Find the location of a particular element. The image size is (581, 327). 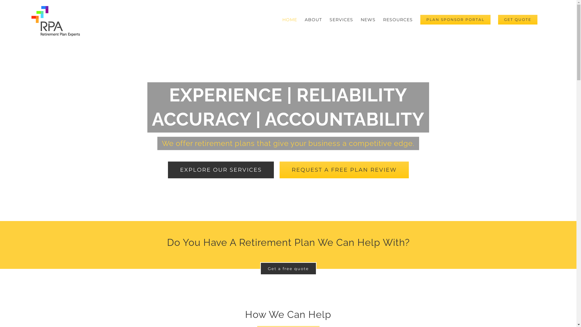

'HOME' is located at coordinates (289, 19).